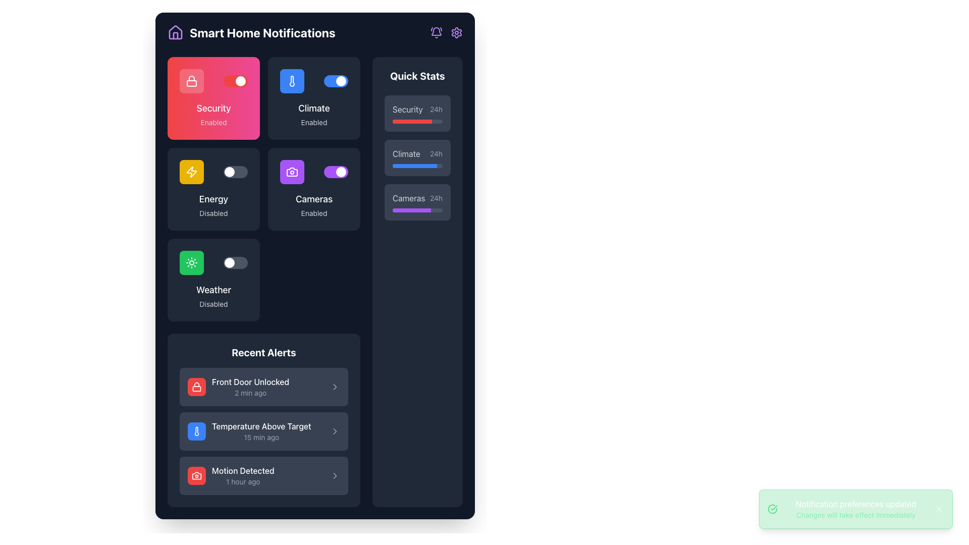 The height and width of the screenshot is (545, 969). I want to click on security activity level, so click(424, 121).